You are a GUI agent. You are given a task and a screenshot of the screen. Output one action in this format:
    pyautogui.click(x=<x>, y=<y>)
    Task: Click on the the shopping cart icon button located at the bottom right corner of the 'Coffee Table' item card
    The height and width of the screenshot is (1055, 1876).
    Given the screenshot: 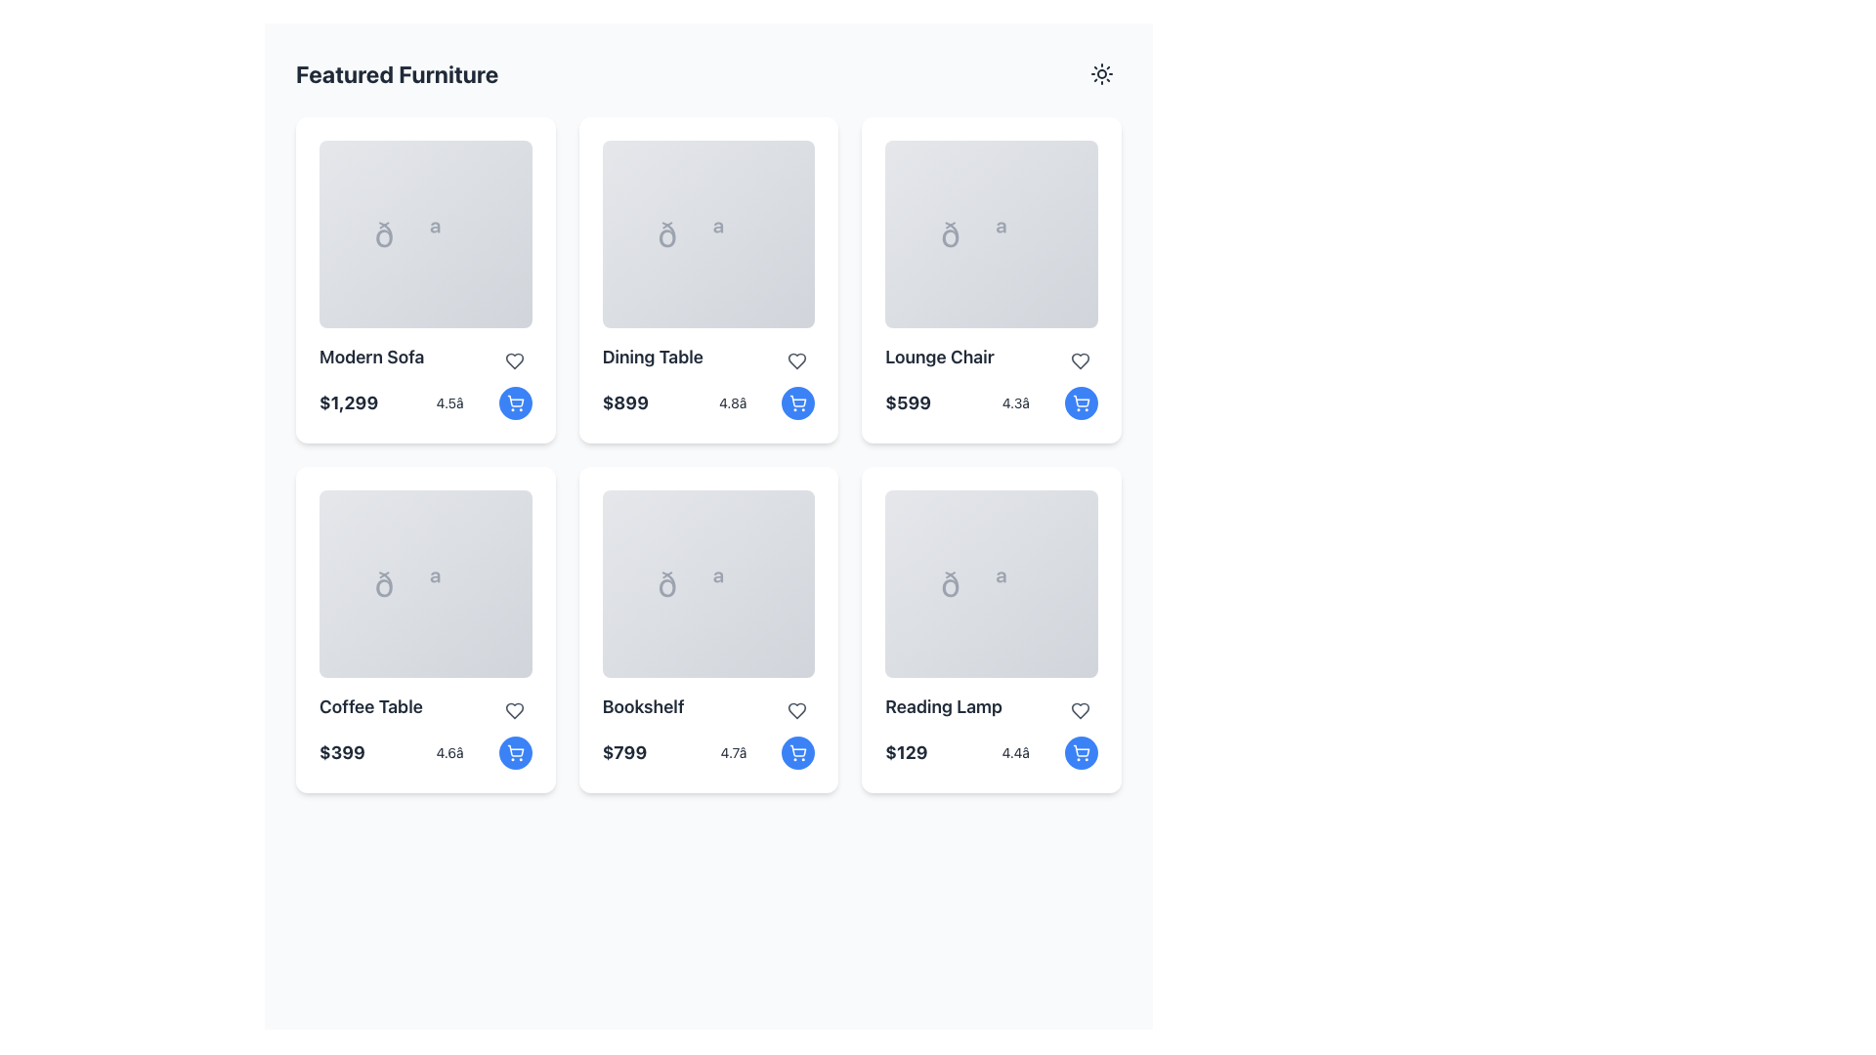 What is the action you would take?
    pyautogui.click(x=515, y=749)
    